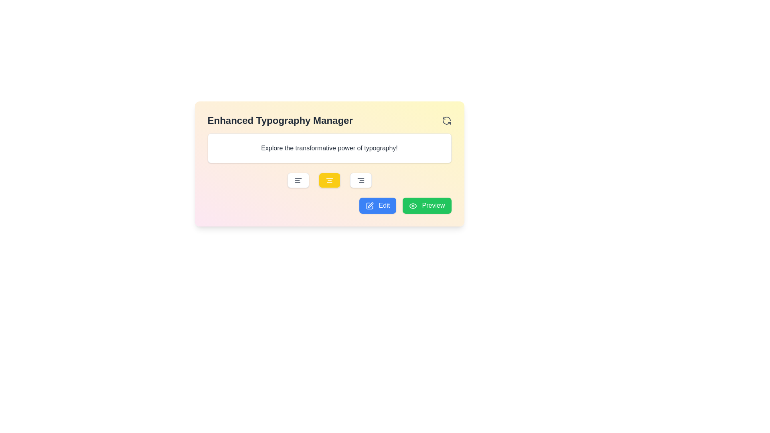  Describe the element at coordinates (329, 180) in the screenshot. I see `the medium-sized rectangular button with a bright yellow background and an icon resembling three horizontal lines, centered vertically, to potentially display tooltips or additional details` at that location.